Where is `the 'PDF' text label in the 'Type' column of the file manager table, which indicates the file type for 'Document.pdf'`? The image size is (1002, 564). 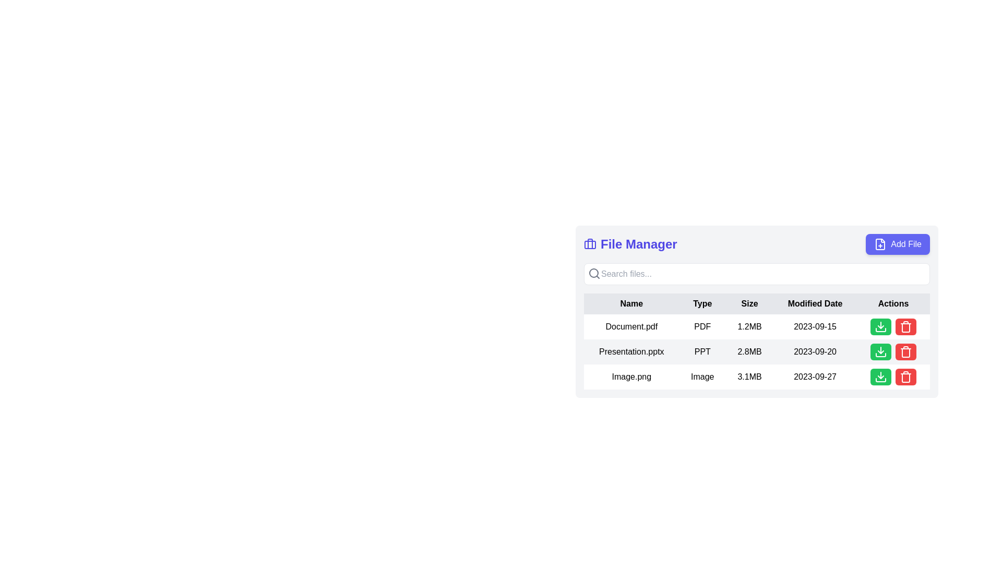
the 'PDF' text label in the 'Type' column of the file manager table, which indicates the file type for 'Document.pdf' is located at coordinates (702, 326).